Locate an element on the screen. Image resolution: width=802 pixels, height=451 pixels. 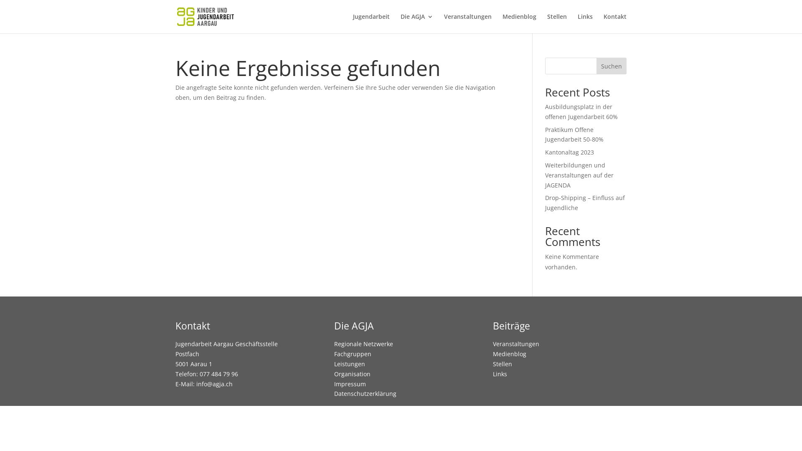
'Veranstaltungen' is located at coordinates (515, 344).